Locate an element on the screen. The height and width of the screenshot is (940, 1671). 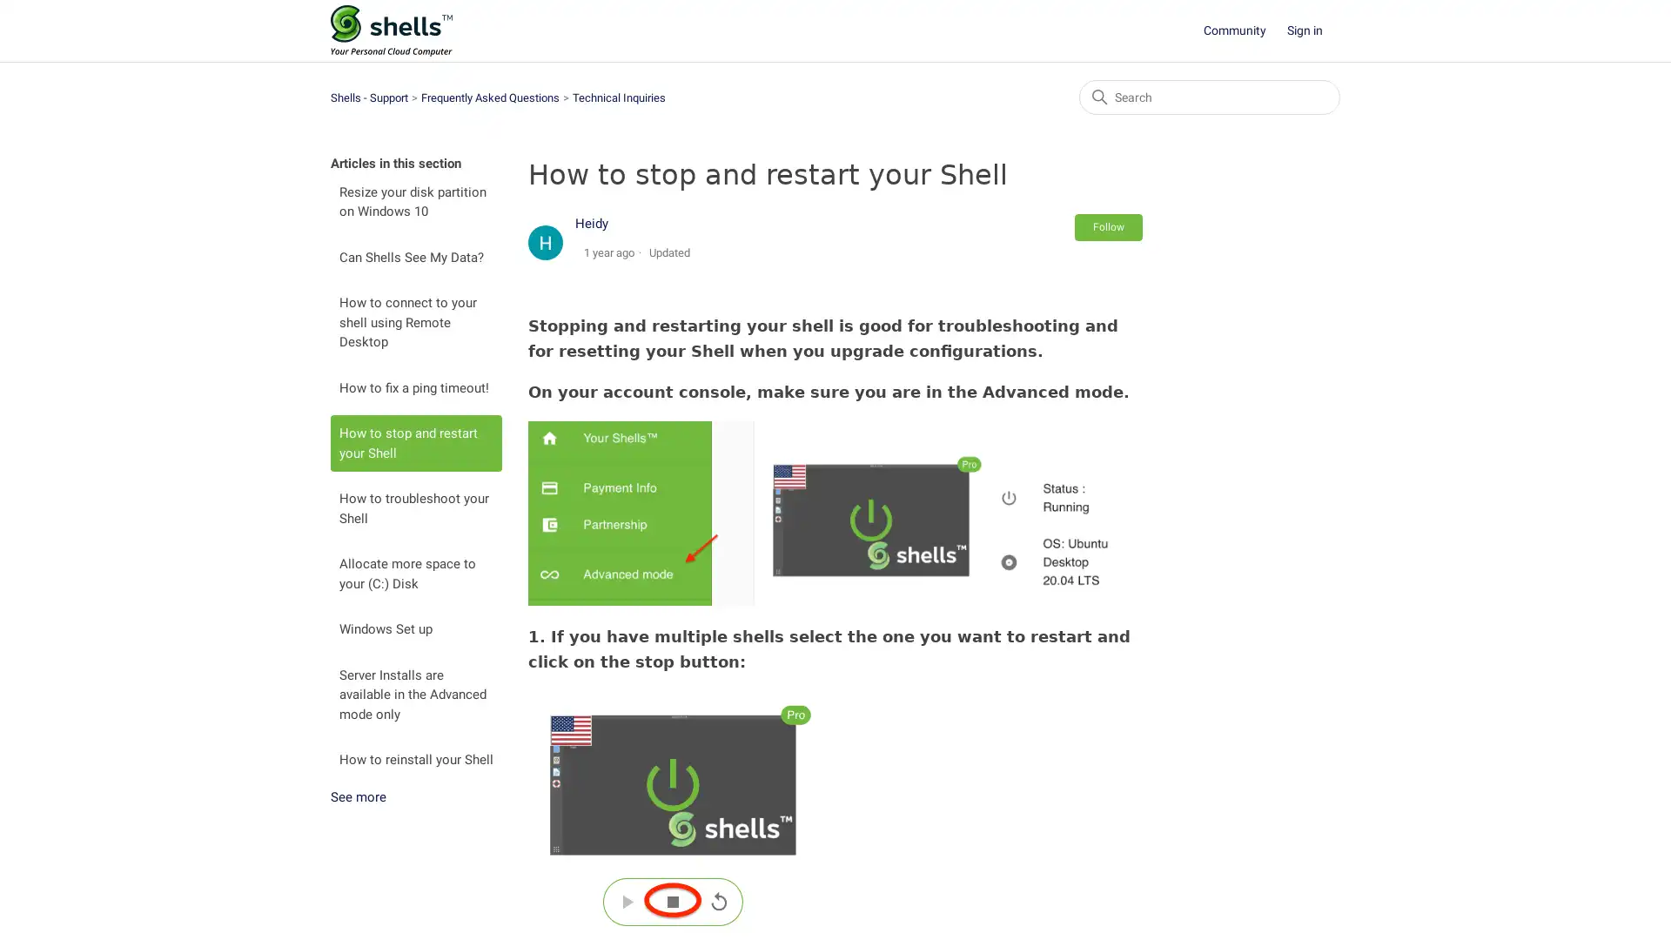
Sign in is located at coordinates (1313, 30).